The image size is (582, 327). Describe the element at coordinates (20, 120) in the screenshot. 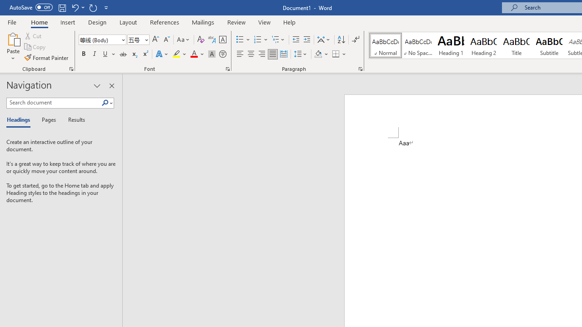

I see `'Headings'` at that location.